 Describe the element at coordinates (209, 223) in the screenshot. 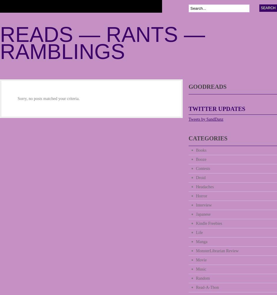

I see `'Kindle Freebies'` at that location.